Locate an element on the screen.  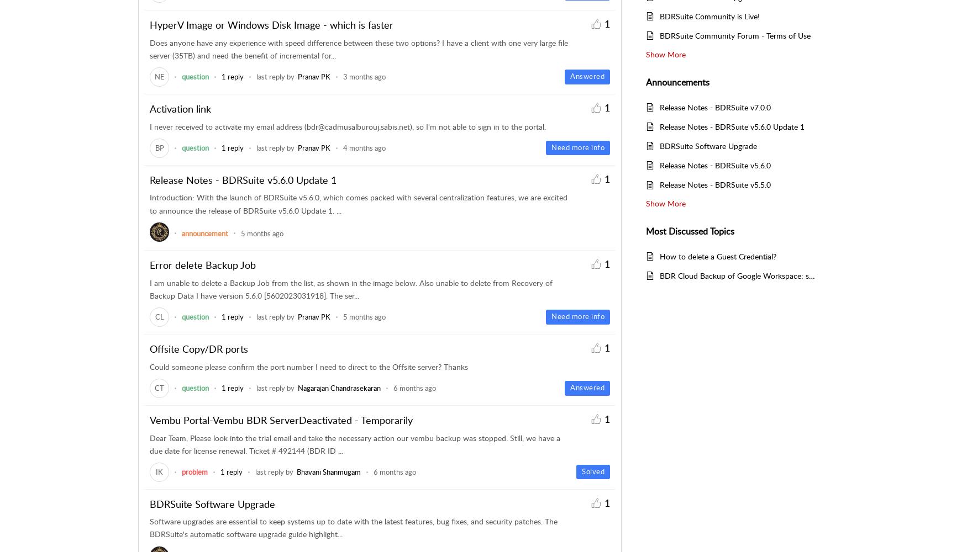
'How to delete a Guest Credential?' is located at coordinates (717, 255).